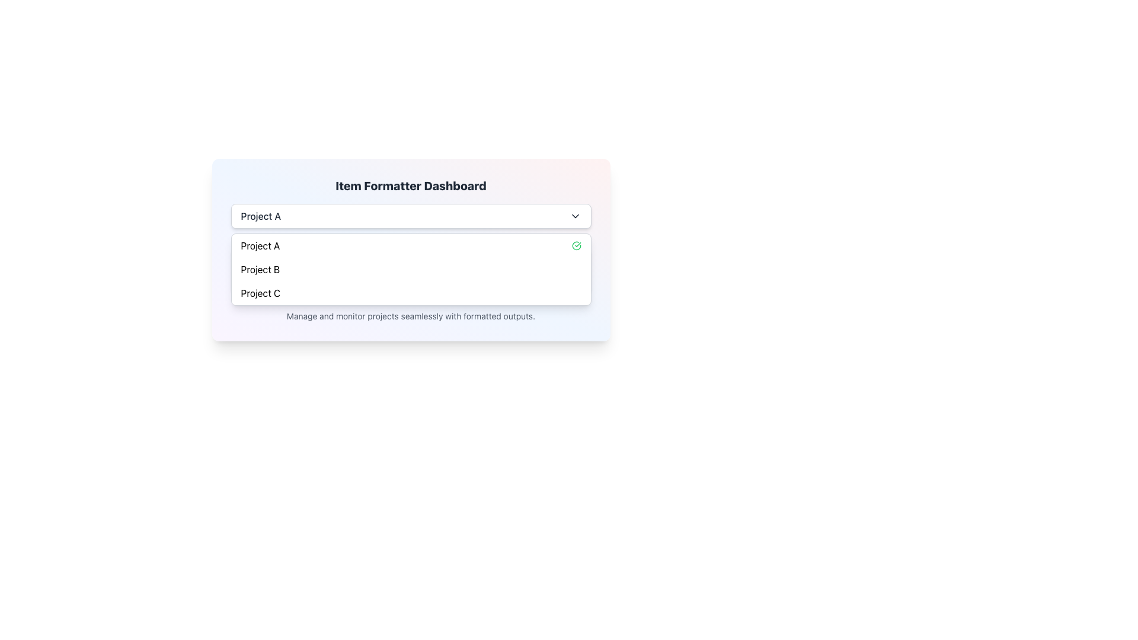 This screenshot has height=640, width=1138. What do you see at coordinates (411, 245) in the screenshot?
I see `the List Item element displaying 'Project A'` at bounding box center [411, 245].